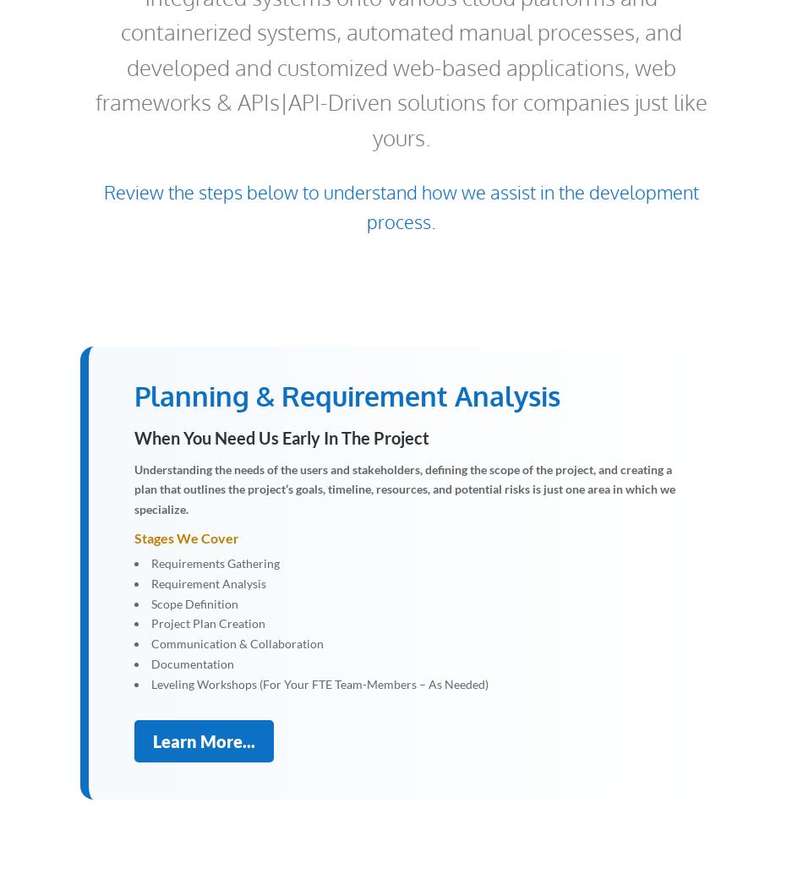  I want to click on 'When You Need Us Early In The Project', so click(281, 437).